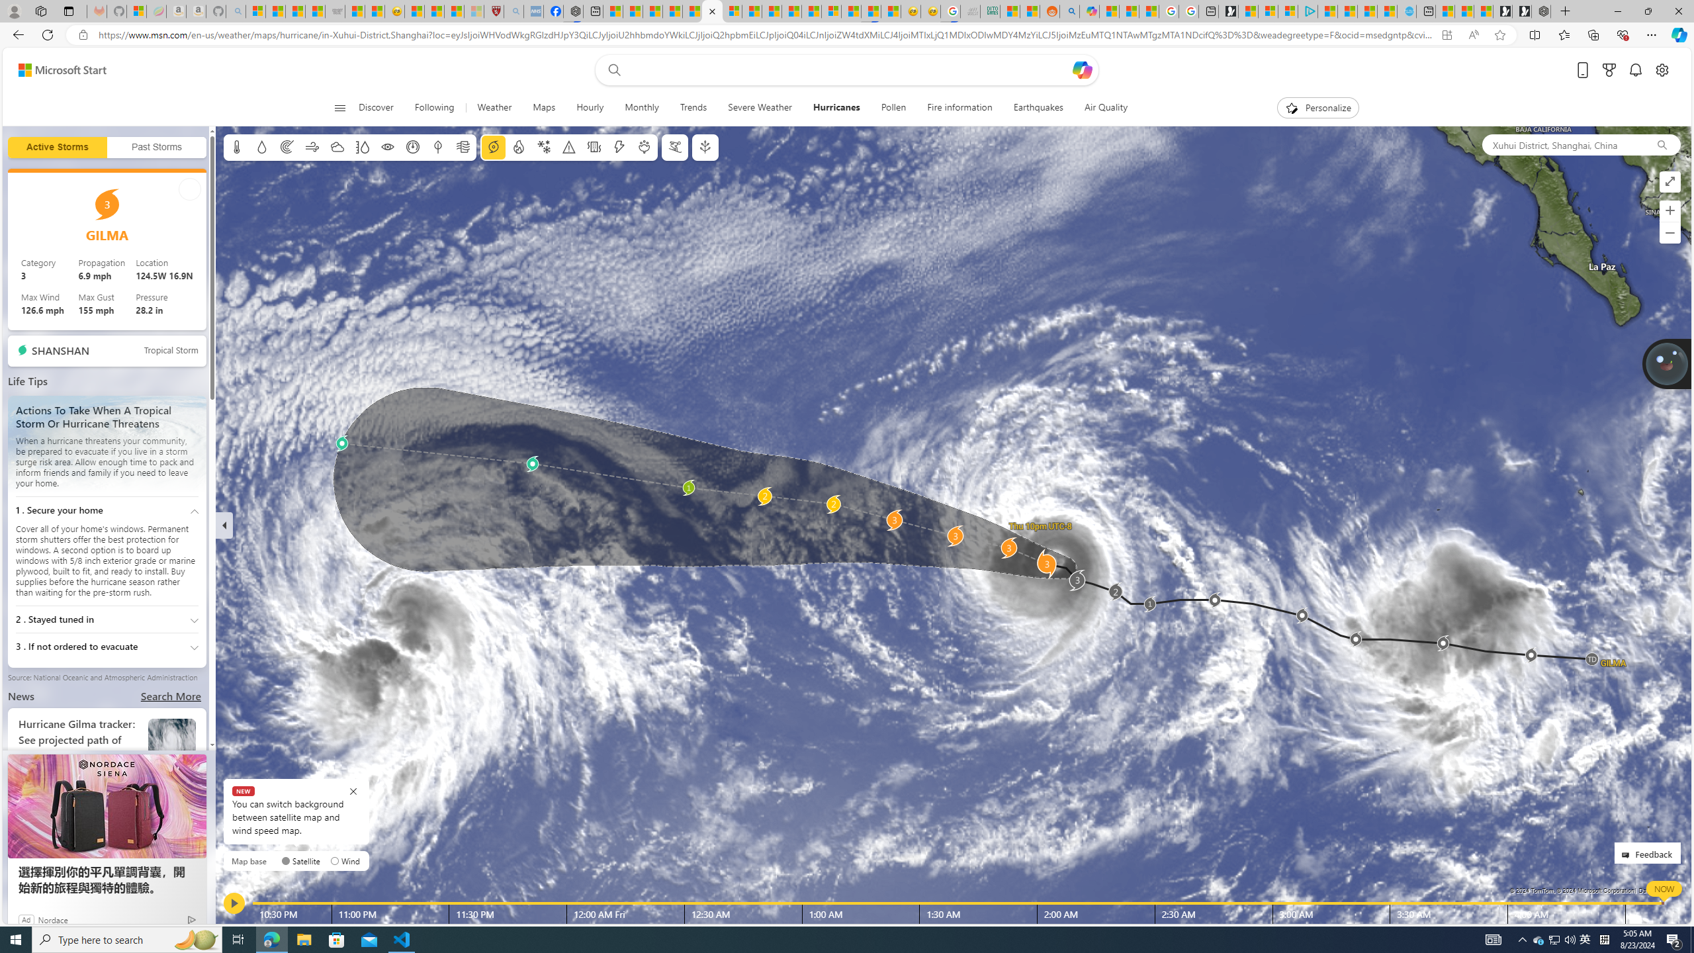  What do you see at coordinates (1670, 210) in the screenshot?
I see `'Zoom in'` at bounding box center [1670, 210].